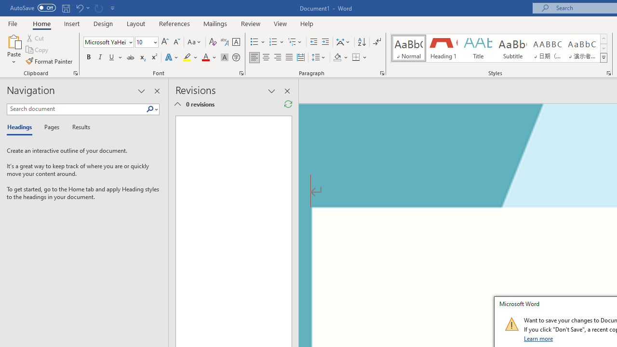 This screenshot has width=617, height=347. What do you see at coordinates (325, 41) in the screenshot?
I see `'Increase Indent'` at bounding box center [325, 41].